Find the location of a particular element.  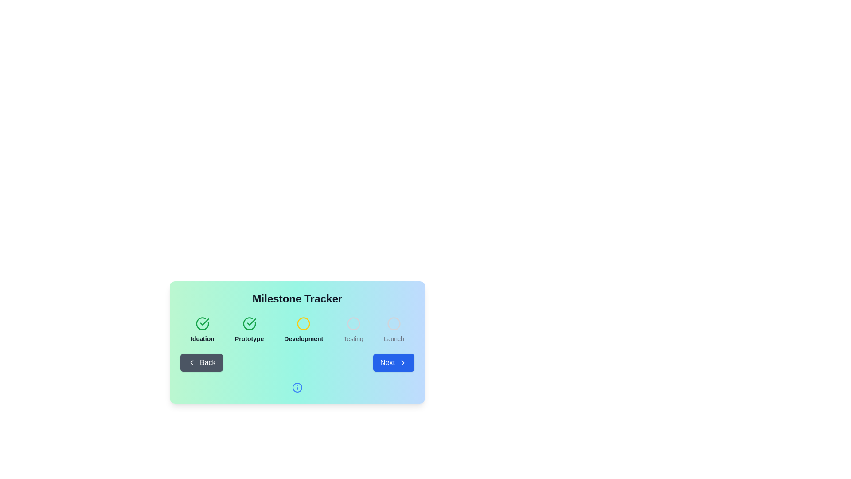

the 'Back' button with a dark grey background and a left-facing chevron icon, located at the bottom-left corner of the Milestone Tracker interface is located at coordinates (201, 362).